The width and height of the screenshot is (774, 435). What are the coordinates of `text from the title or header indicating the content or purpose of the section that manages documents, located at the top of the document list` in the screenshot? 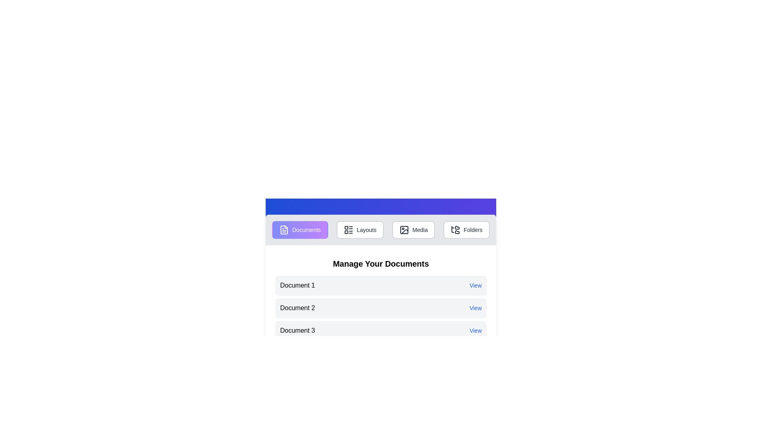 It's located at (381, 264).